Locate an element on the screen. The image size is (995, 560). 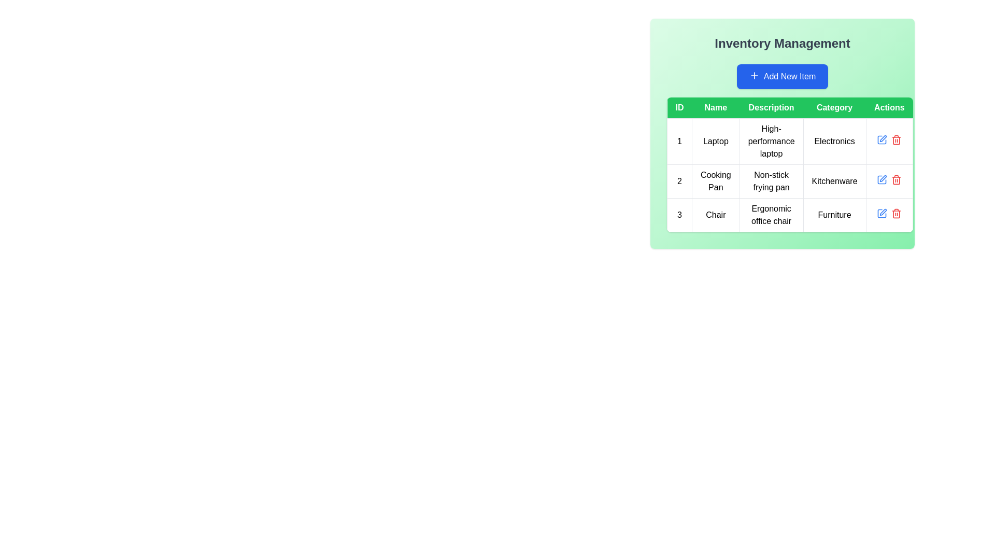
the icon located in the 'Actions' column, third row of the grid layout, which represents a symbolic action for user interaction is located at coordinates (882, 139).